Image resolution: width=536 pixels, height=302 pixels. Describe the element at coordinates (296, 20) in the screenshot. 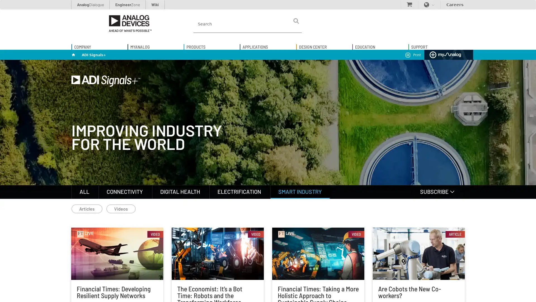

I see `Search` at that location.